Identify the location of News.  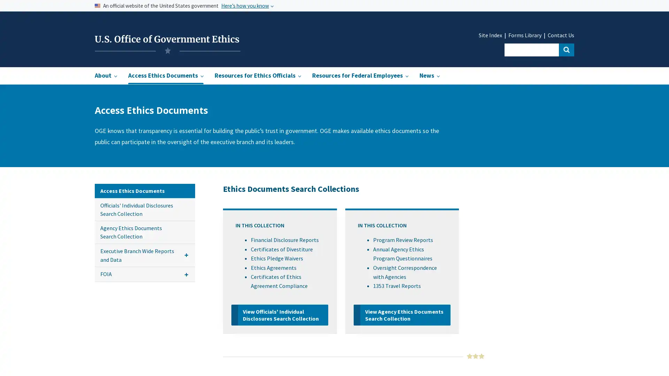
(429, 75).